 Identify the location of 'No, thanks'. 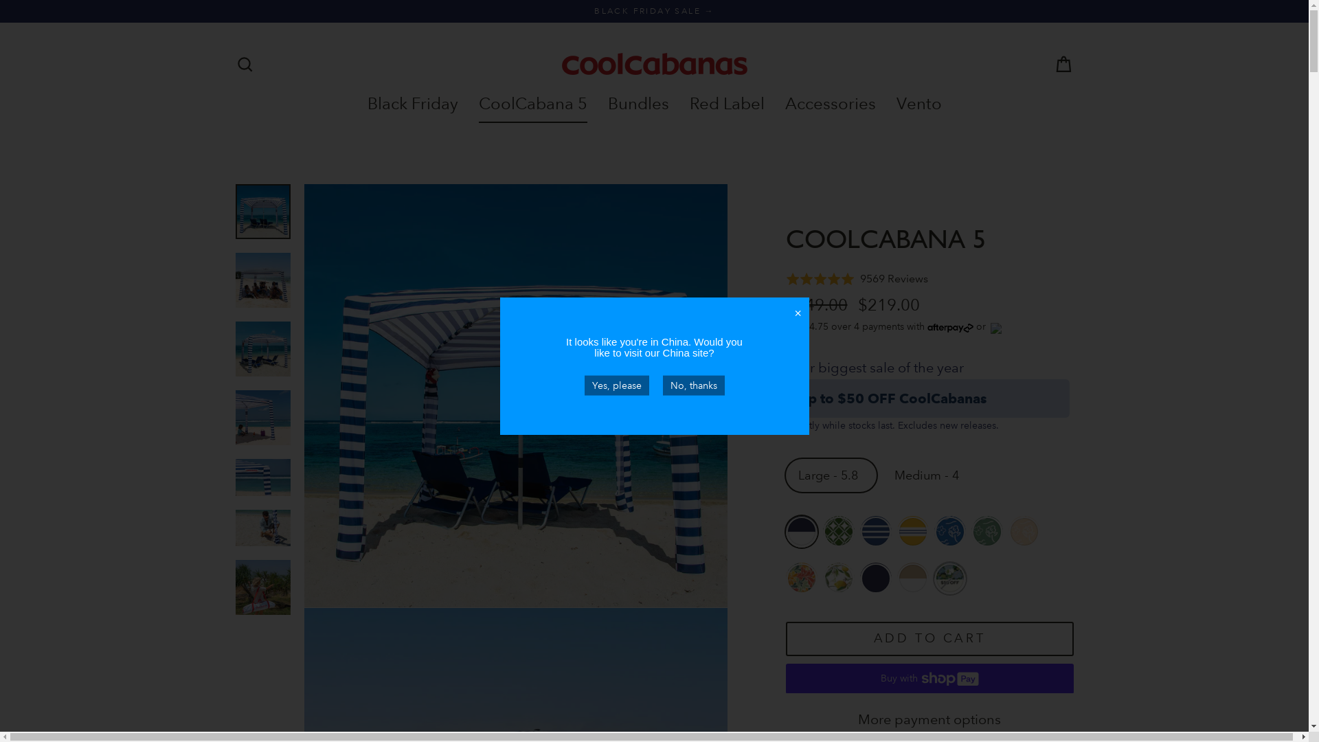
(692, 385).